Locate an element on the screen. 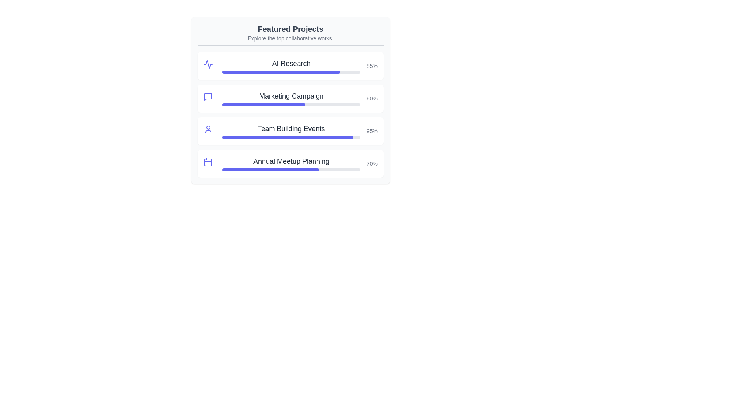 This screenshot has height=419, width=745. the project icon for Team Building Events to reveal additional information is located at coordinates (210, 131).